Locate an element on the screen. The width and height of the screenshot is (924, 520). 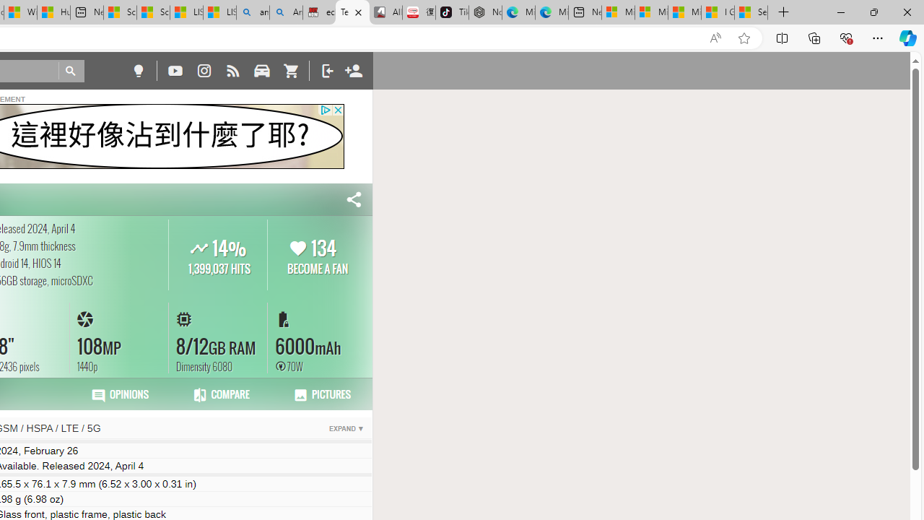
'Huge shark washes ashore at New York City beach | Watch' is located at coordinates (53, 12).